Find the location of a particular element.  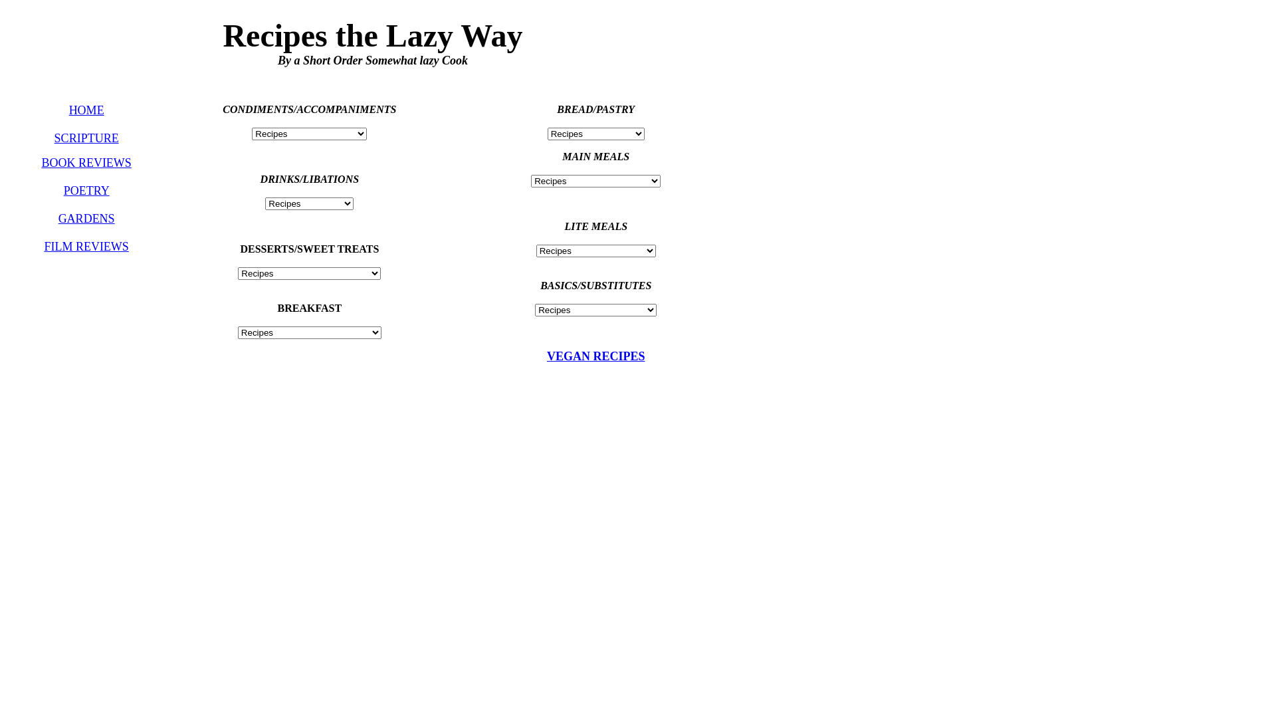

'VEGAN RECIPES' is located at coordinates (595, 356).